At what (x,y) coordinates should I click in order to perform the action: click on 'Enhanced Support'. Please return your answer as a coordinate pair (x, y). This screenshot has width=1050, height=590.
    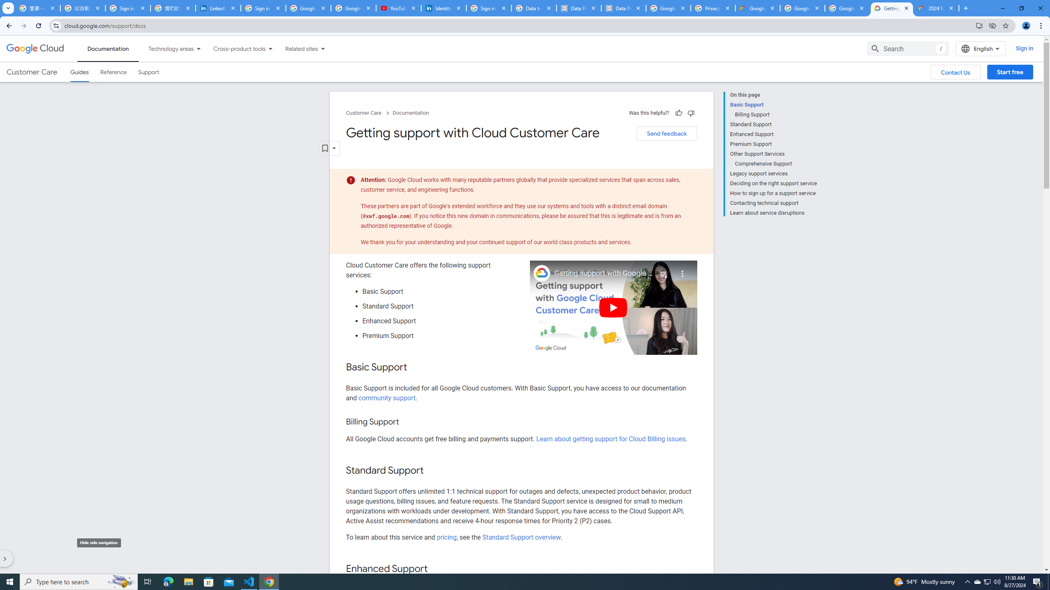
    Looking at the image, I should click on (773, 134).